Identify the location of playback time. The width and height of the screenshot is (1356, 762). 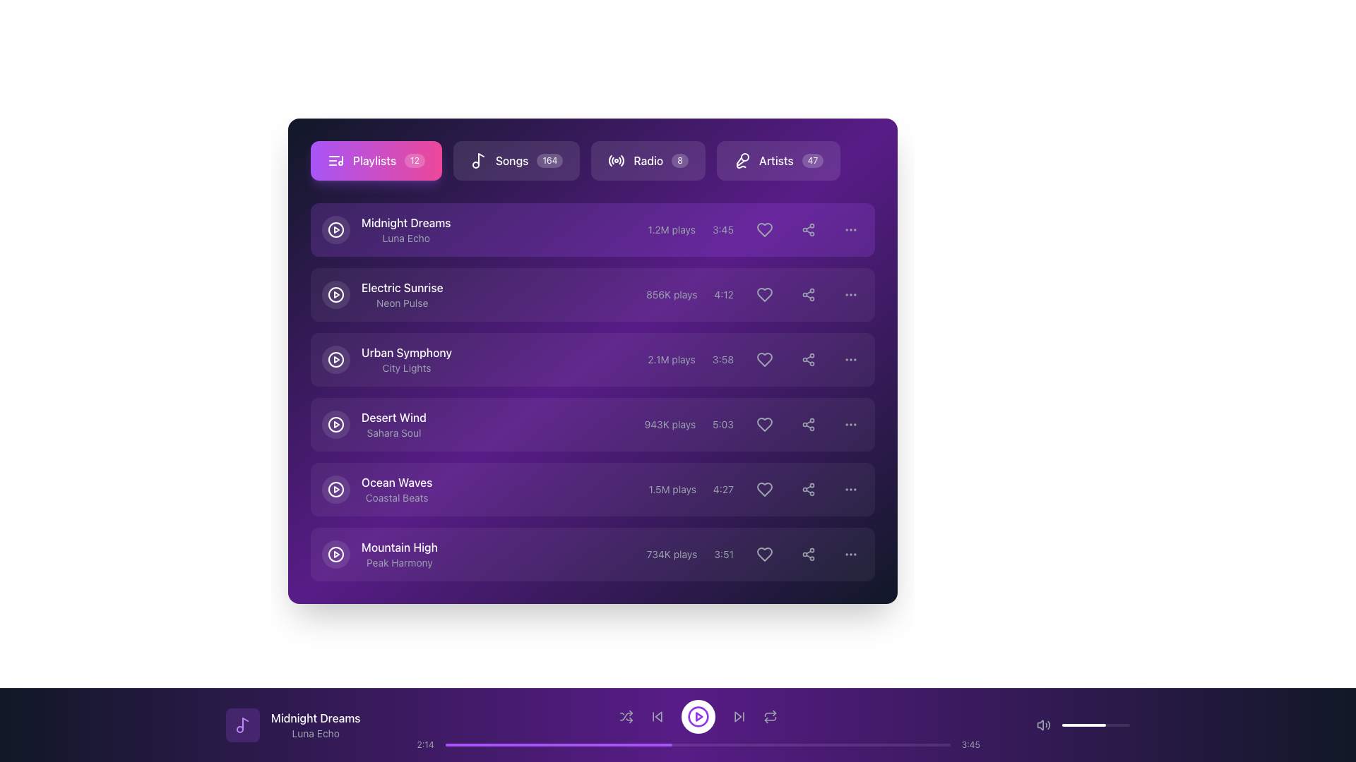
(621, 744).